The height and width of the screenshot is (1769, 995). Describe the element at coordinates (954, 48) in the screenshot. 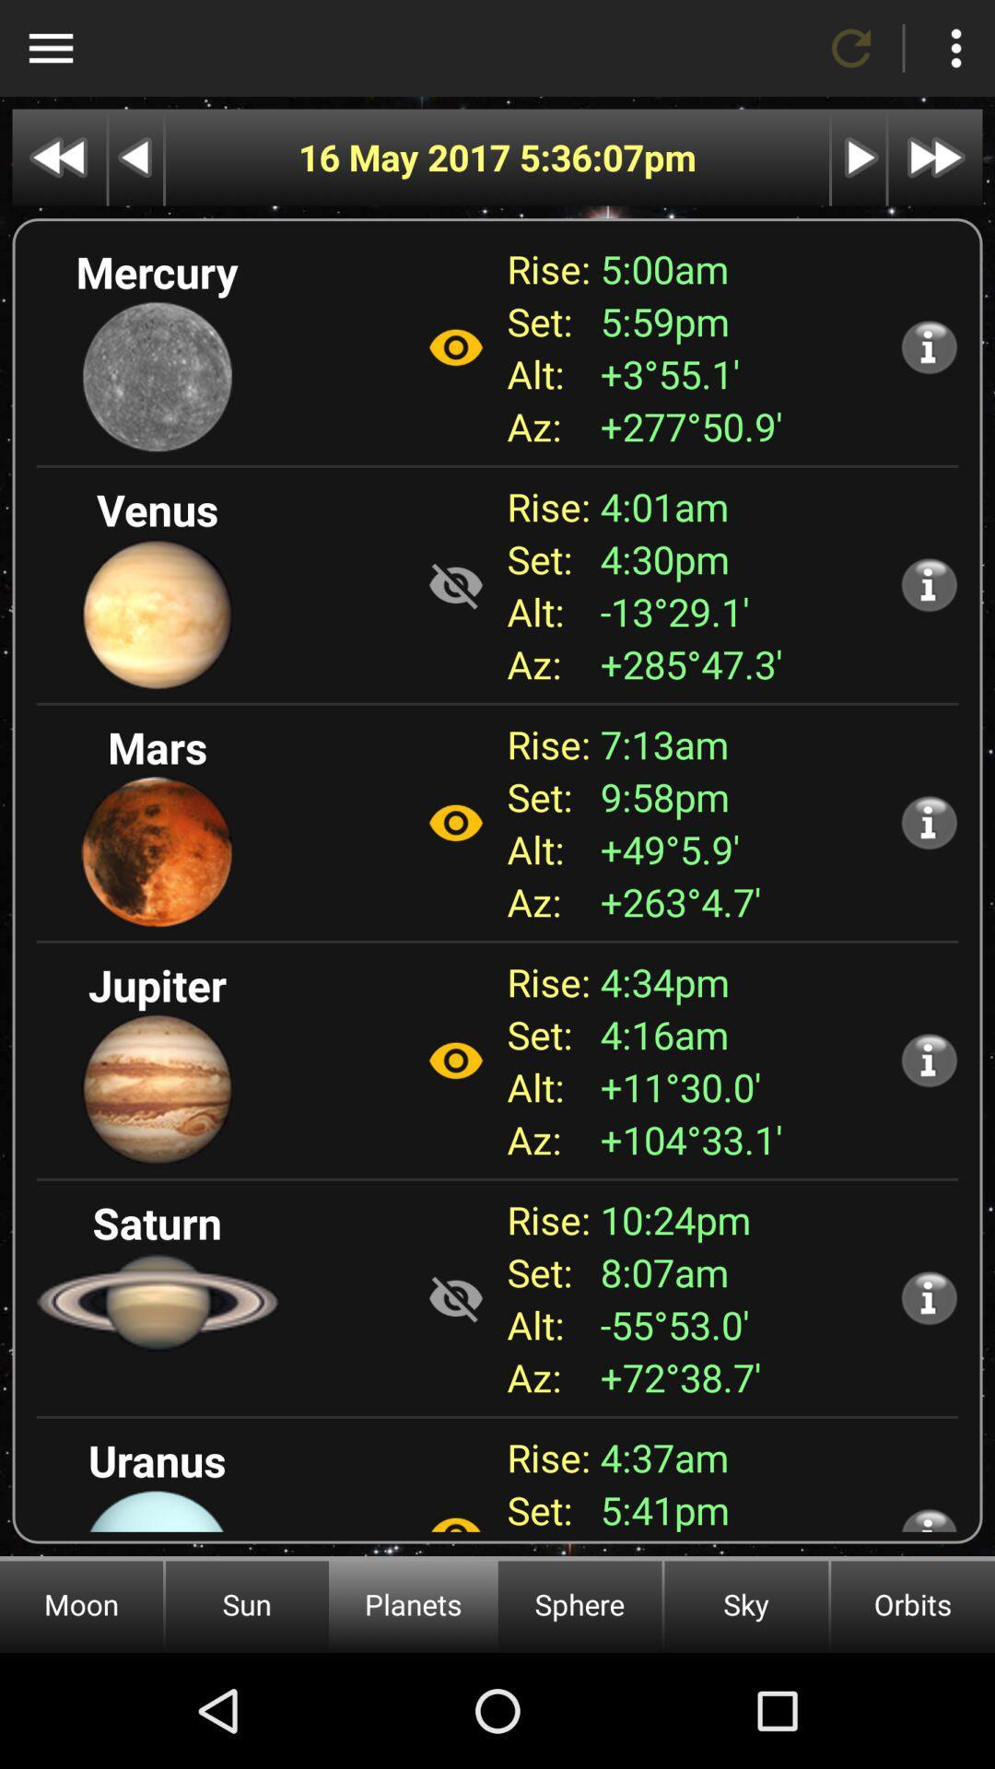

I see `list the menu option` at that location.